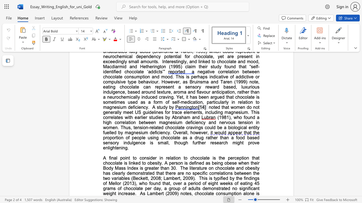  Describe the element at coordinates (123, 193) in the screenshot. I see `the subset text "rea" within the text "no significant weight increase"` at that location.